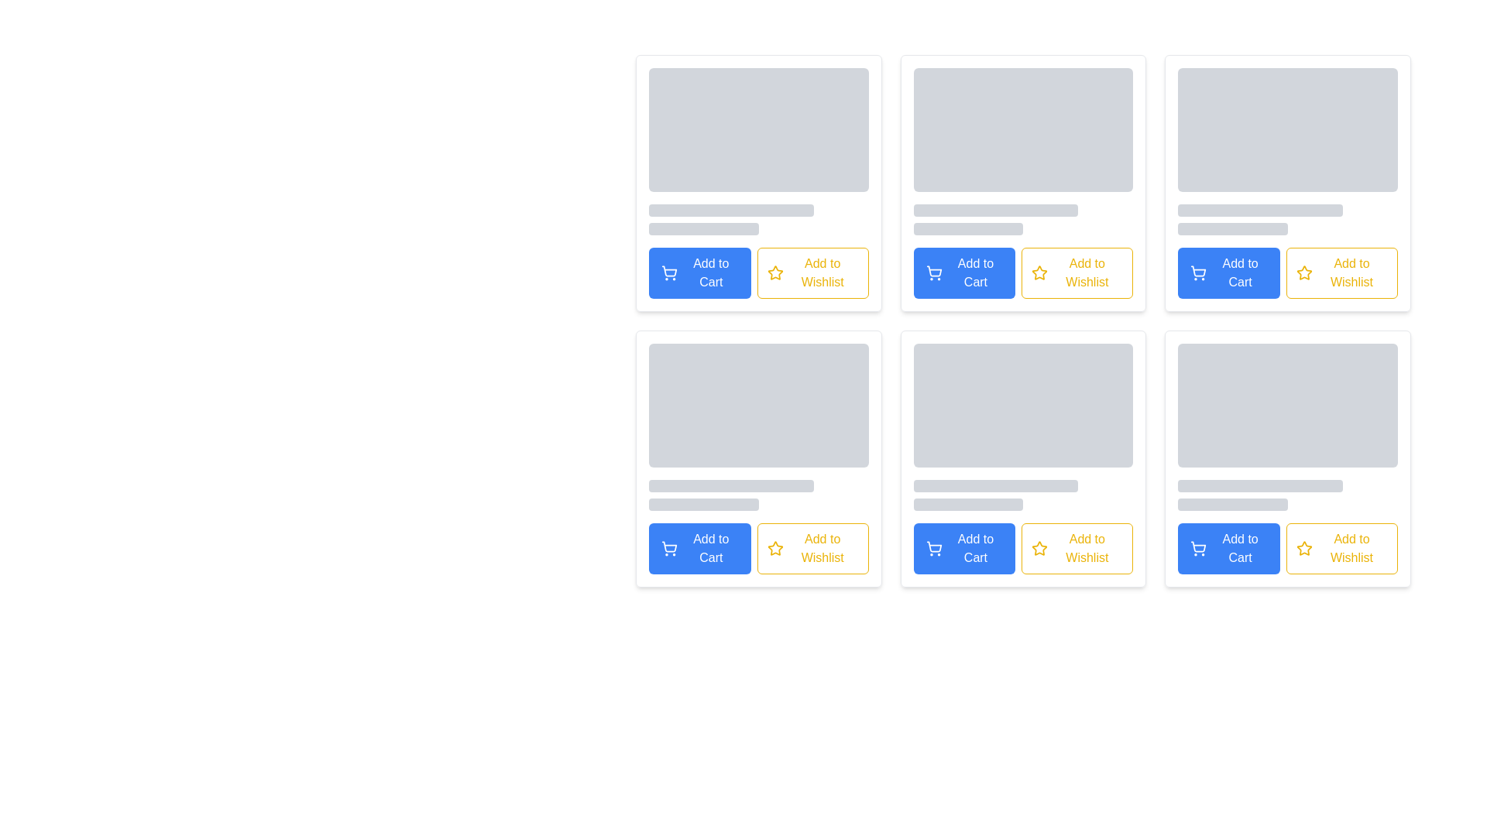 The image size is (1487, 836). What do you see at coordinates (1039, 548) in the screenshot?
I see `the star icon located inside the 'Add to Wishlist' button at the bottom right corner of the second product card in the second row` at bounding box center [1039, 548].